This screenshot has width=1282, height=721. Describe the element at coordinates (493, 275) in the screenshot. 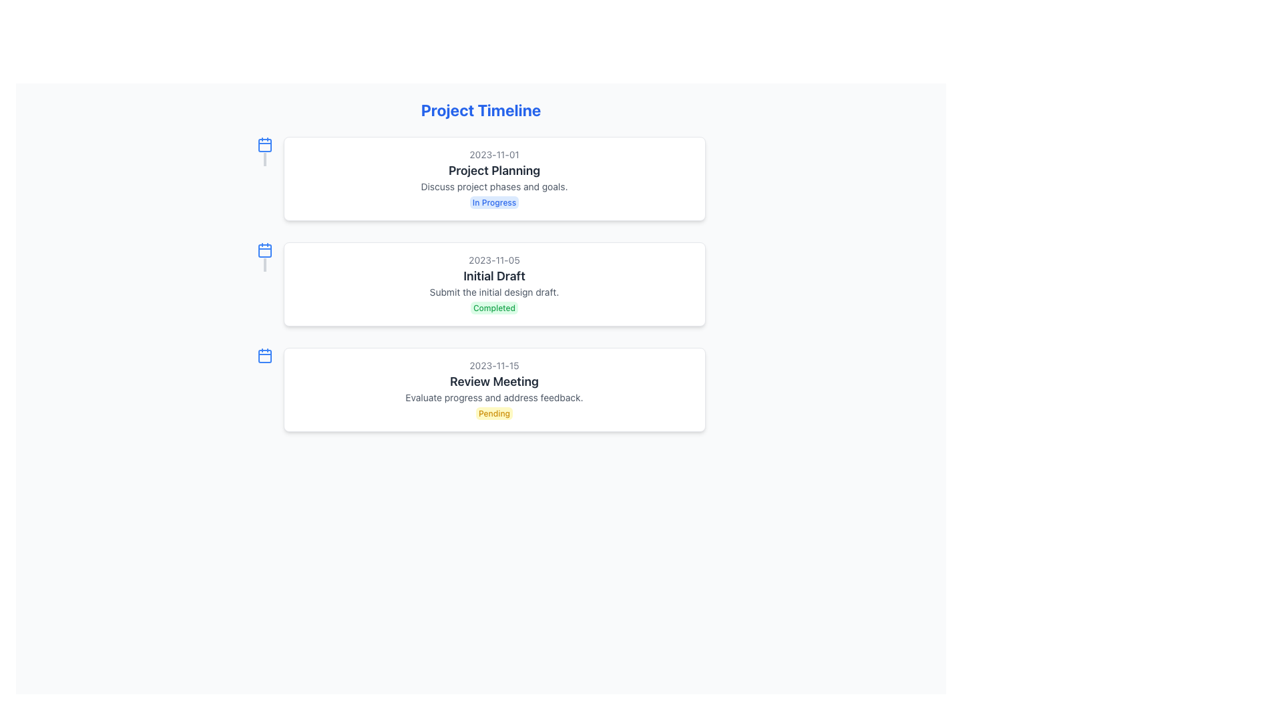

I see `the 'Initial Draft' text label, which is bold and dark gray, located below the date '2023-11-05' and above the description 'Submit the initial design draft.'` at that location.